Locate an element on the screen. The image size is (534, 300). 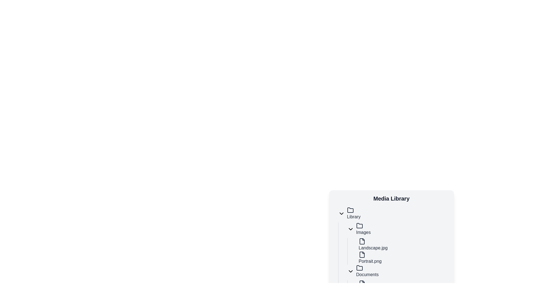
the folder icon representing the 'Images' directory in the media library navigation is located at coordinates (359, 226).